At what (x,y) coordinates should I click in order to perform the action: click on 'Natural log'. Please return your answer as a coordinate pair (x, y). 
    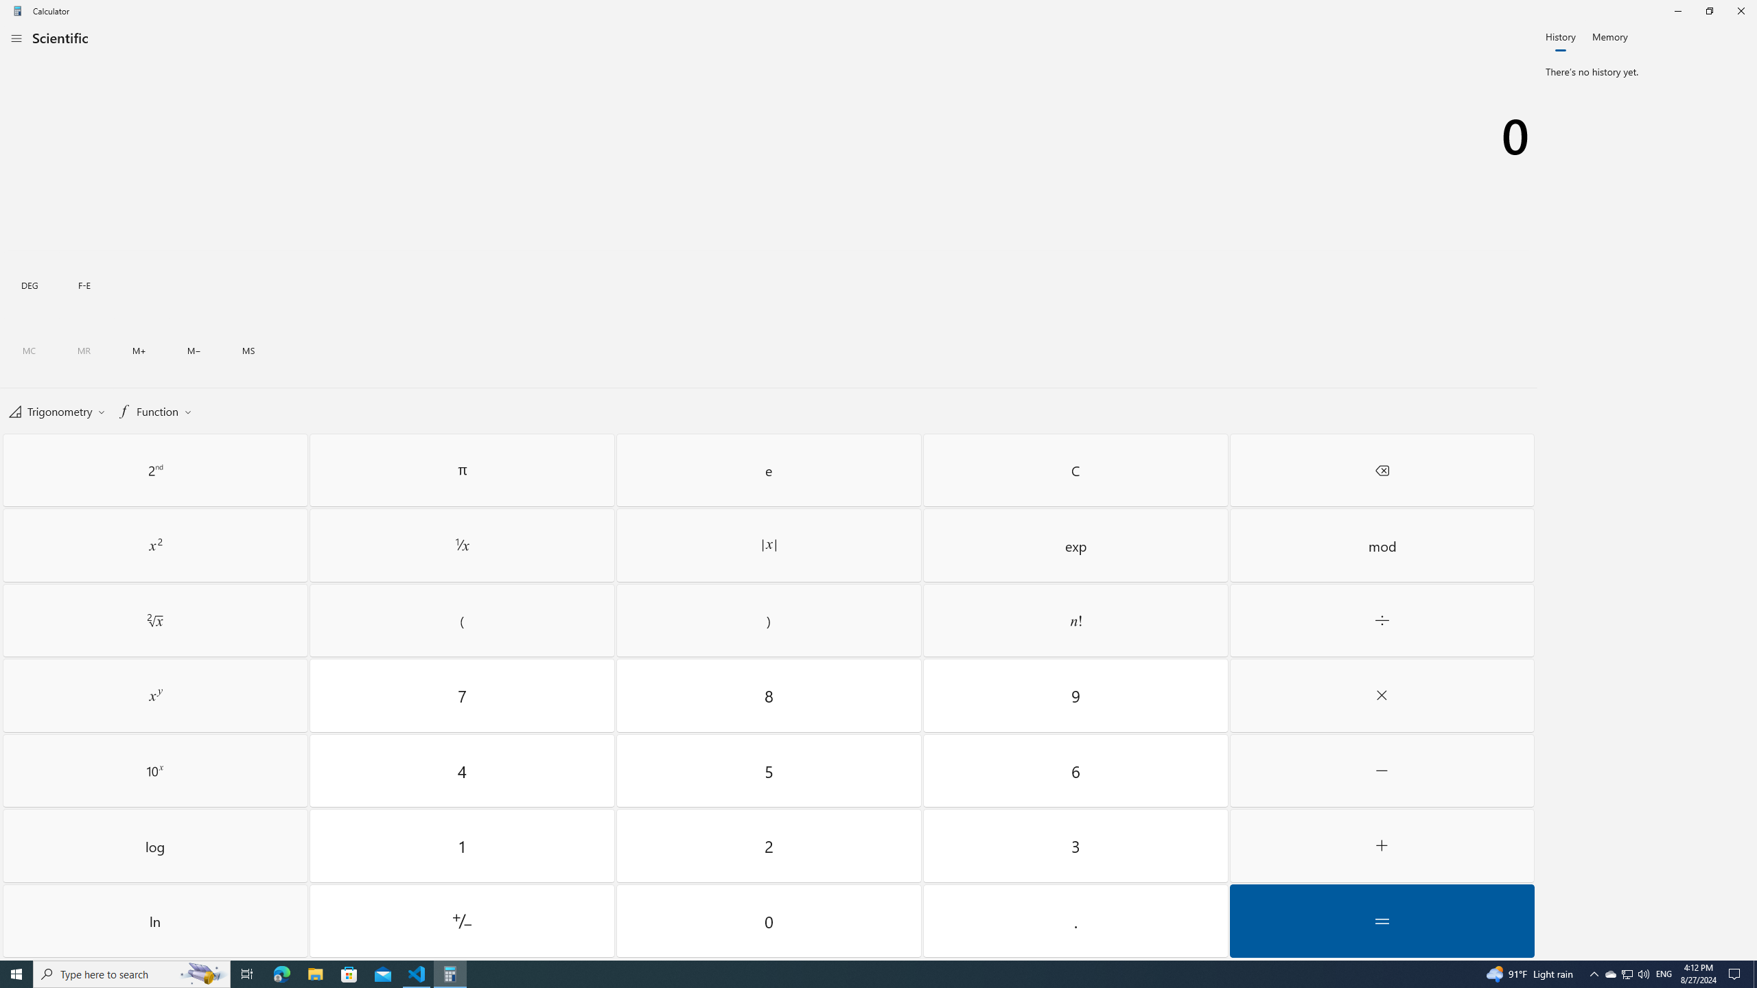
    Looking at the image, I should click on (154, 920).